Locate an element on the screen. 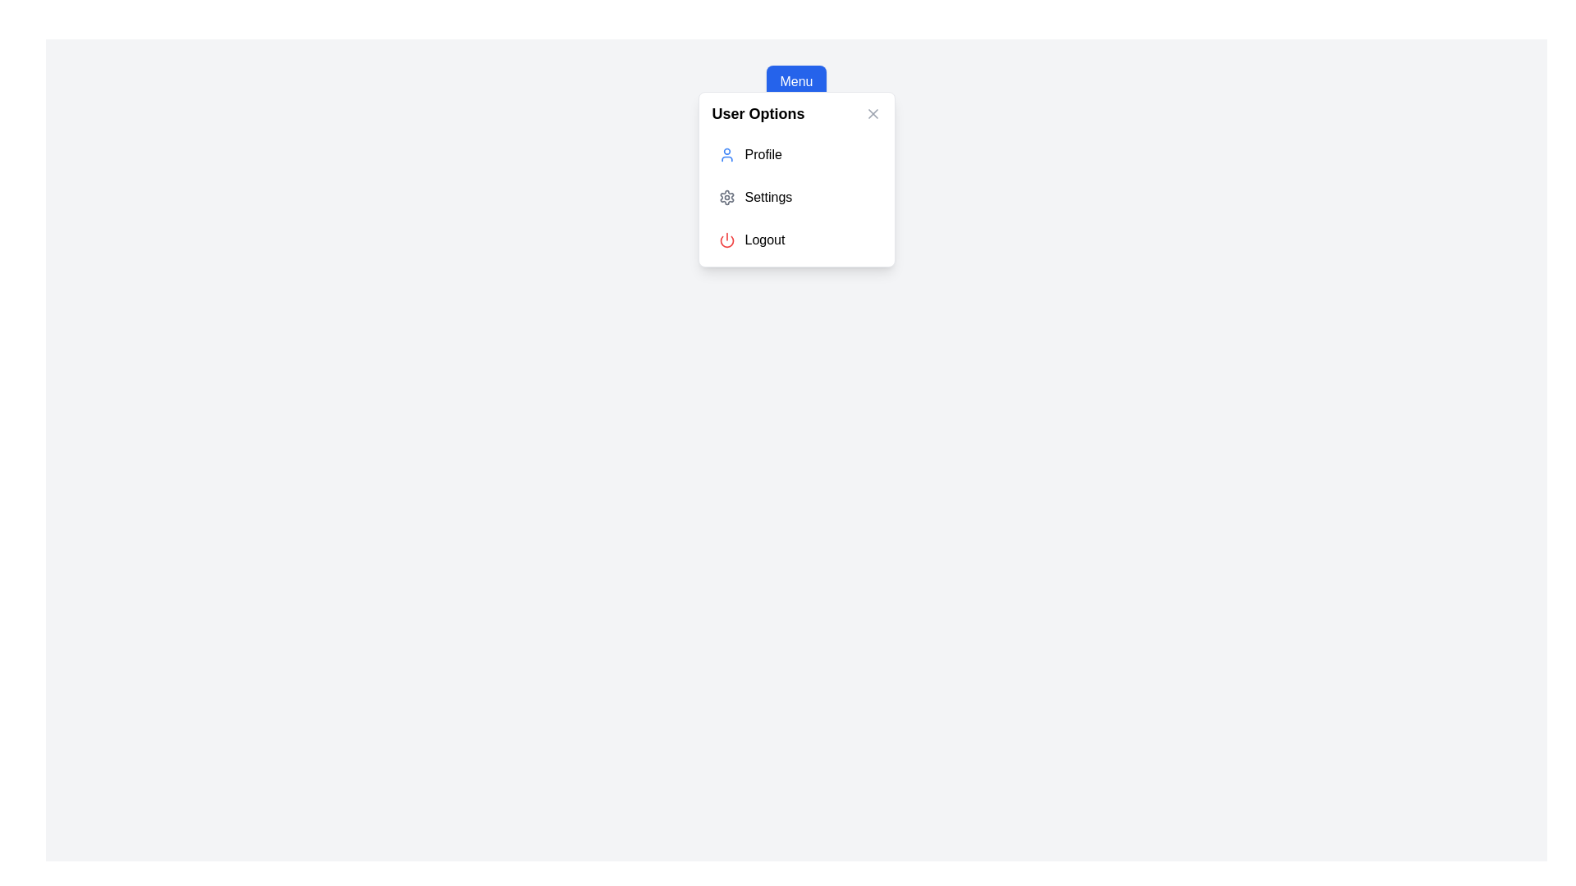  the close button represented by an 'X' icon in the header of the 'User Options' modal is located at coordinates (872, 112).